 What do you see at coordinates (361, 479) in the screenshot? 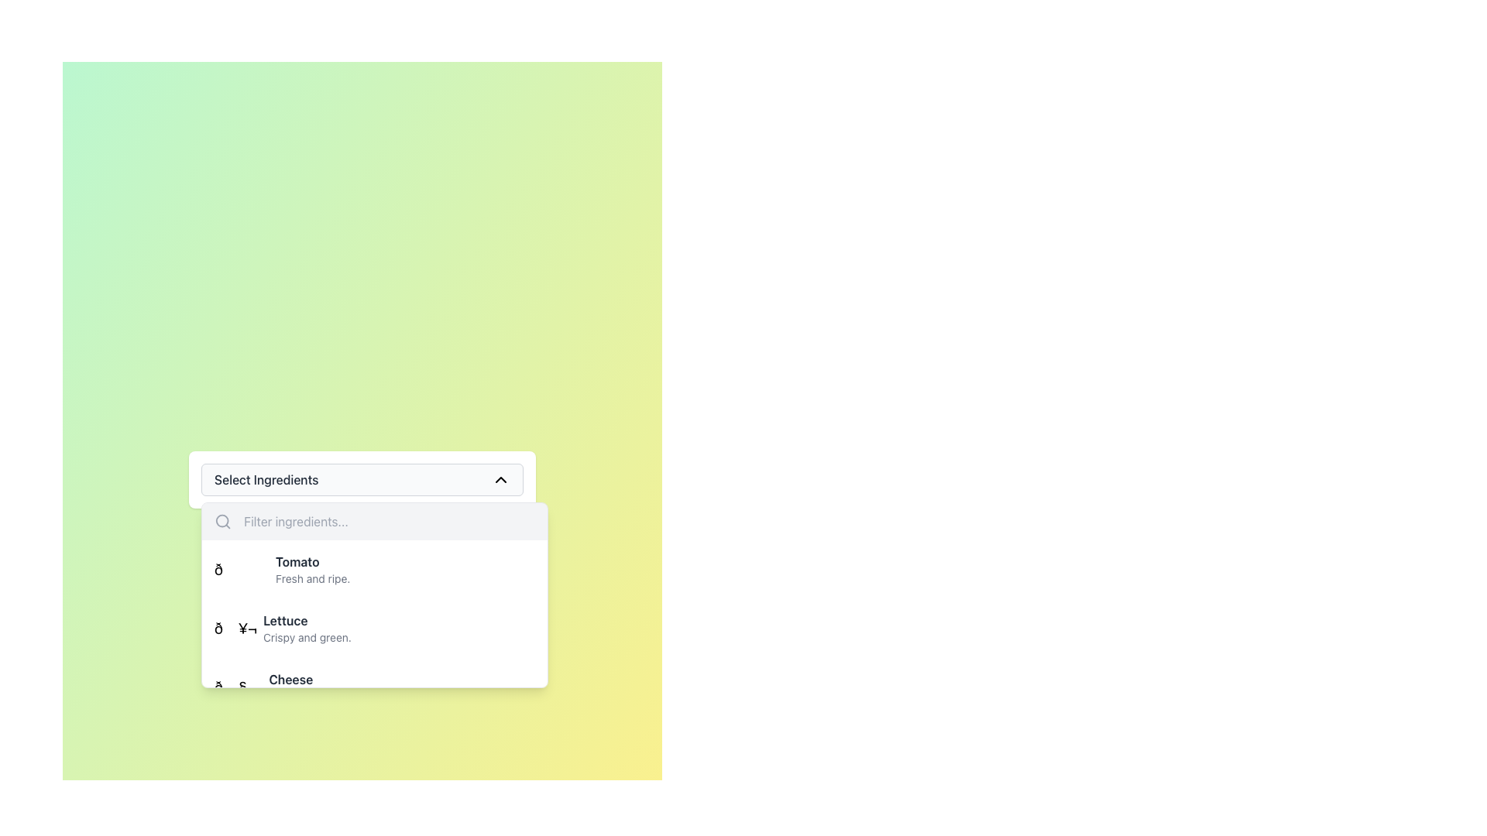
I see `the 'Select Ingredients' dropdown button with a white background and rounded corners` at bounding box center [361, 479].